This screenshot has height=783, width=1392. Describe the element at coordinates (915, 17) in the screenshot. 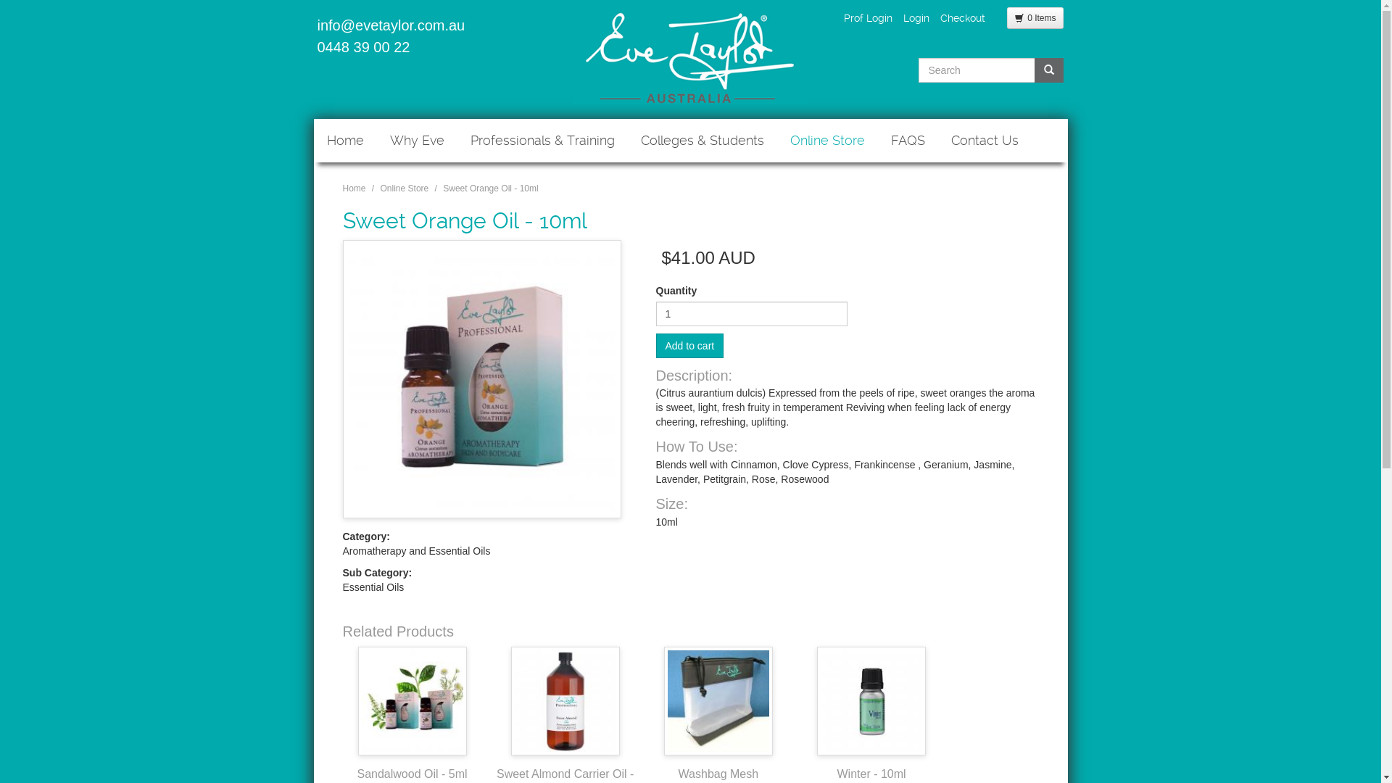

I see `'Login'` at that location.